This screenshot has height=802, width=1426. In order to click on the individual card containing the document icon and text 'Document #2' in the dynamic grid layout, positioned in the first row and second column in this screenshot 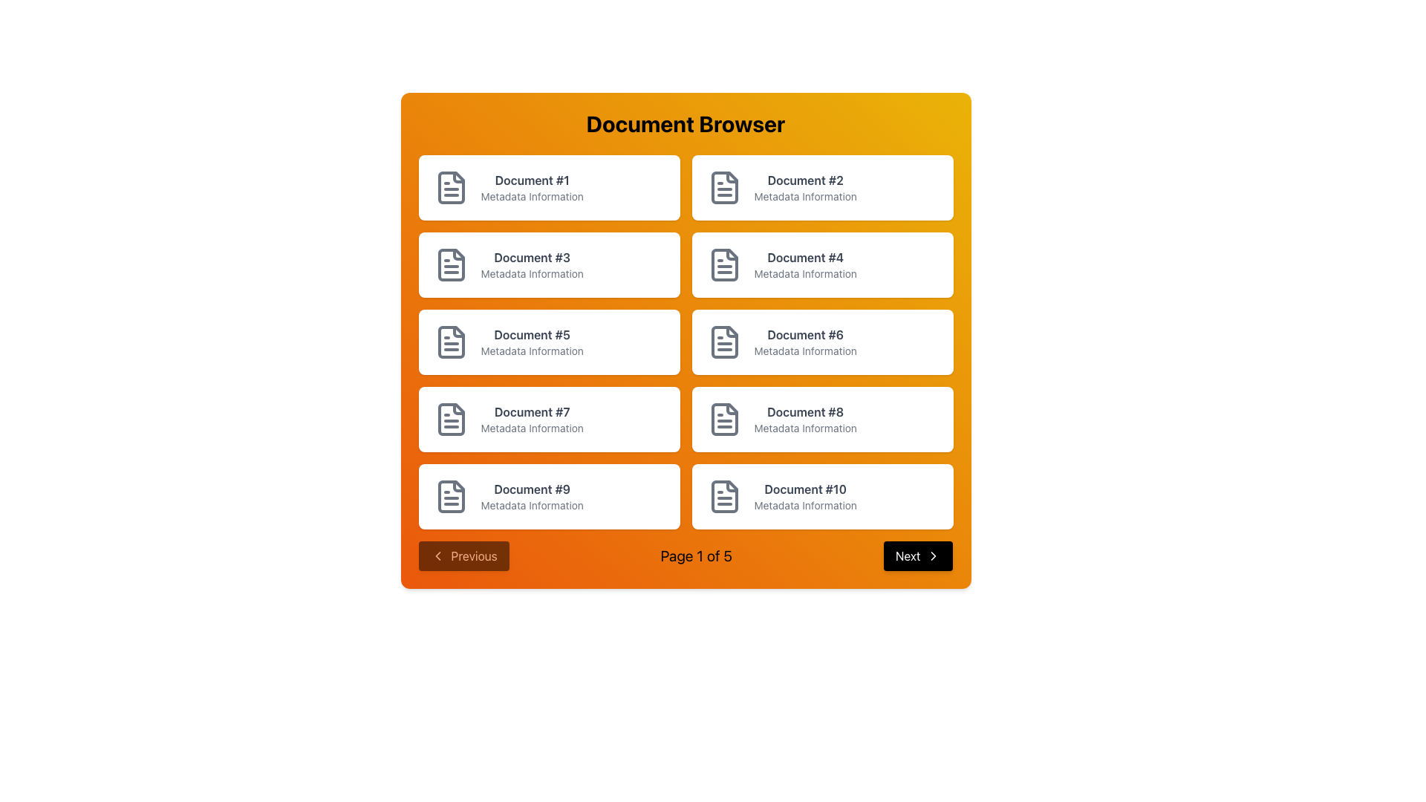, I will do `click(821, 187)`.